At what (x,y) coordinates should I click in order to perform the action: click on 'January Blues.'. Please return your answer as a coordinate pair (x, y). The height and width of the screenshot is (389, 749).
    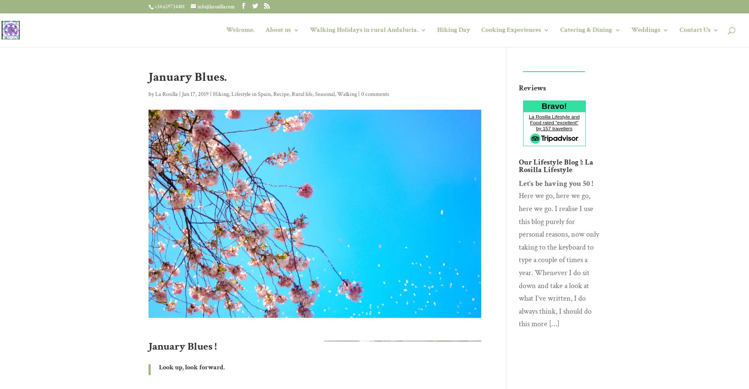
    Looking at the image, I should click on (187, 77).